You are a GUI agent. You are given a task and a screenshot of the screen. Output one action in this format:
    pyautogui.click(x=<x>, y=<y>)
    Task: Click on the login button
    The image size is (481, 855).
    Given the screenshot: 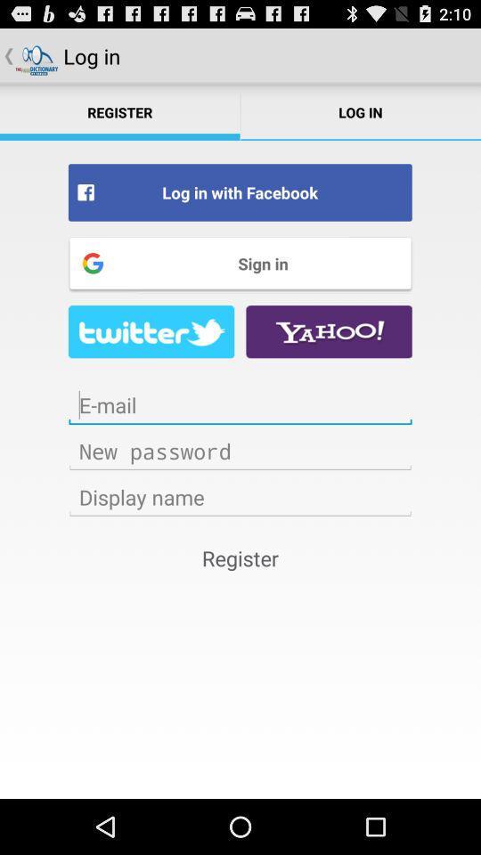 What is the action you would take?
    pyautogui.click(x=240, y=450)
    